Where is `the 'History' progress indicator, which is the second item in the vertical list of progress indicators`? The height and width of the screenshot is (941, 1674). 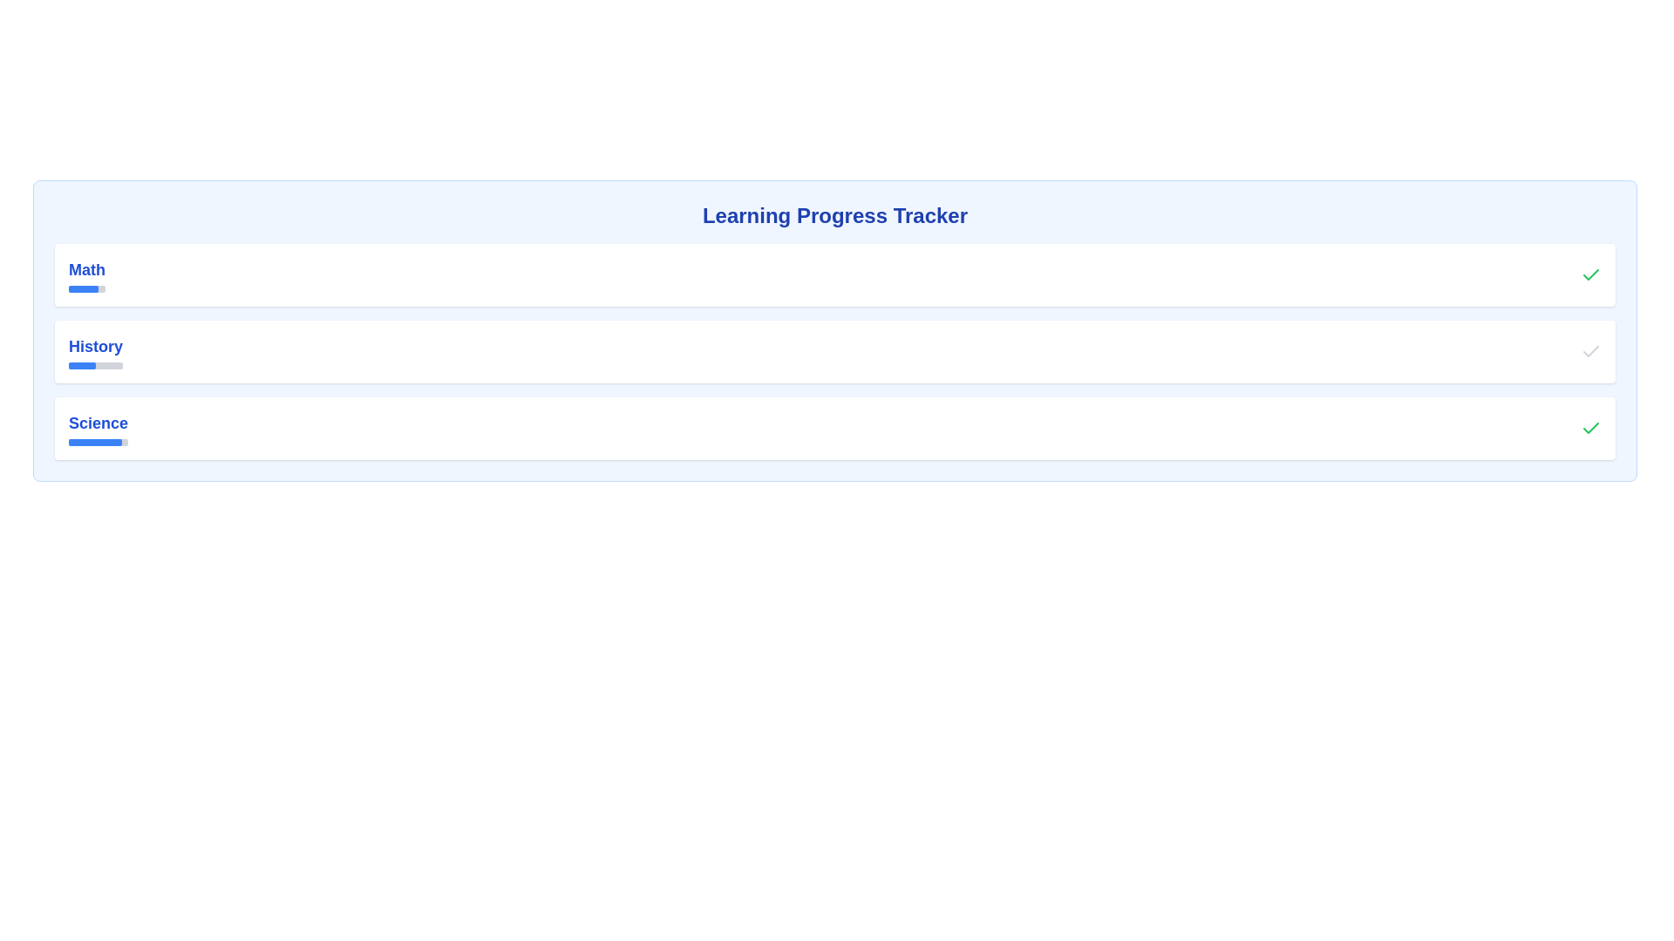
the 'History' progress indicator, which is the second item in the vertical list of progress indicators is located at coordinates (95, 352).